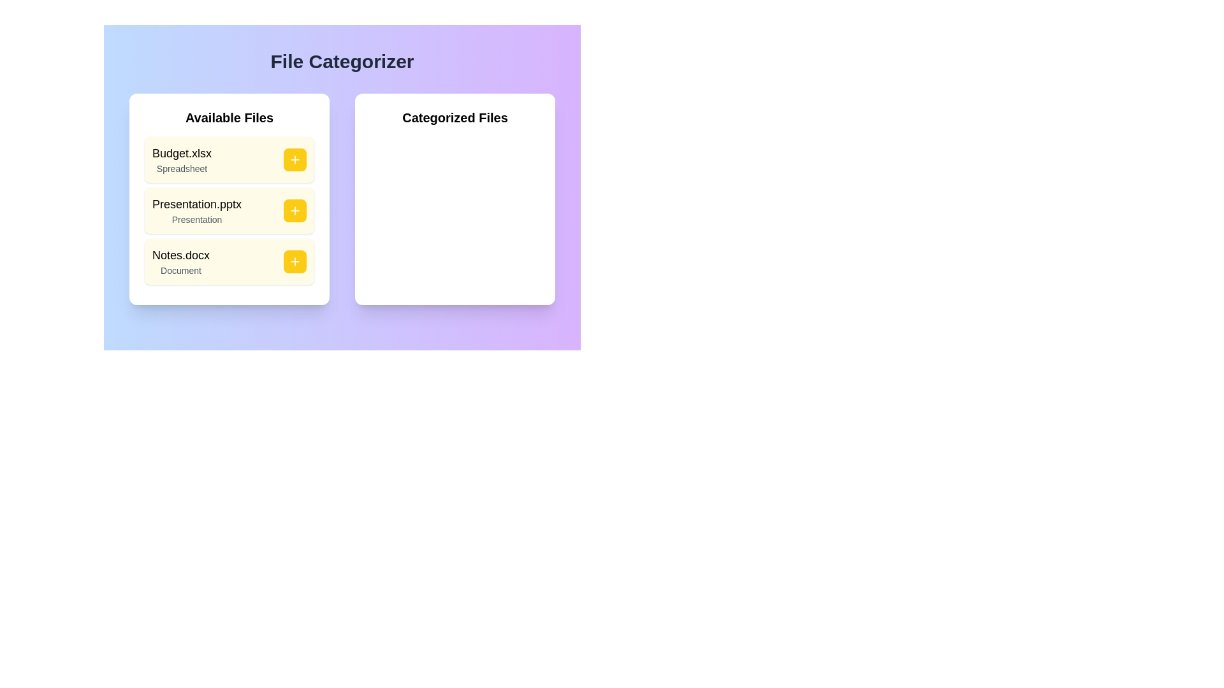  What do you see at coordinates (294, 159) in the screenshot?
I see `the 'Add' button located to the right of the 'Budget.xlsx' file entry in the 'Available Files' list` at bounding box center [294, 159].